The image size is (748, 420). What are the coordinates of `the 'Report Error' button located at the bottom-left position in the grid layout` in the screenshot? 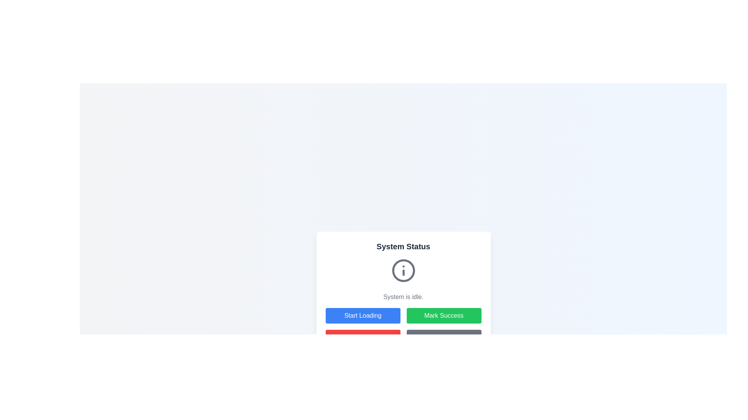 It's located at (362, 337).